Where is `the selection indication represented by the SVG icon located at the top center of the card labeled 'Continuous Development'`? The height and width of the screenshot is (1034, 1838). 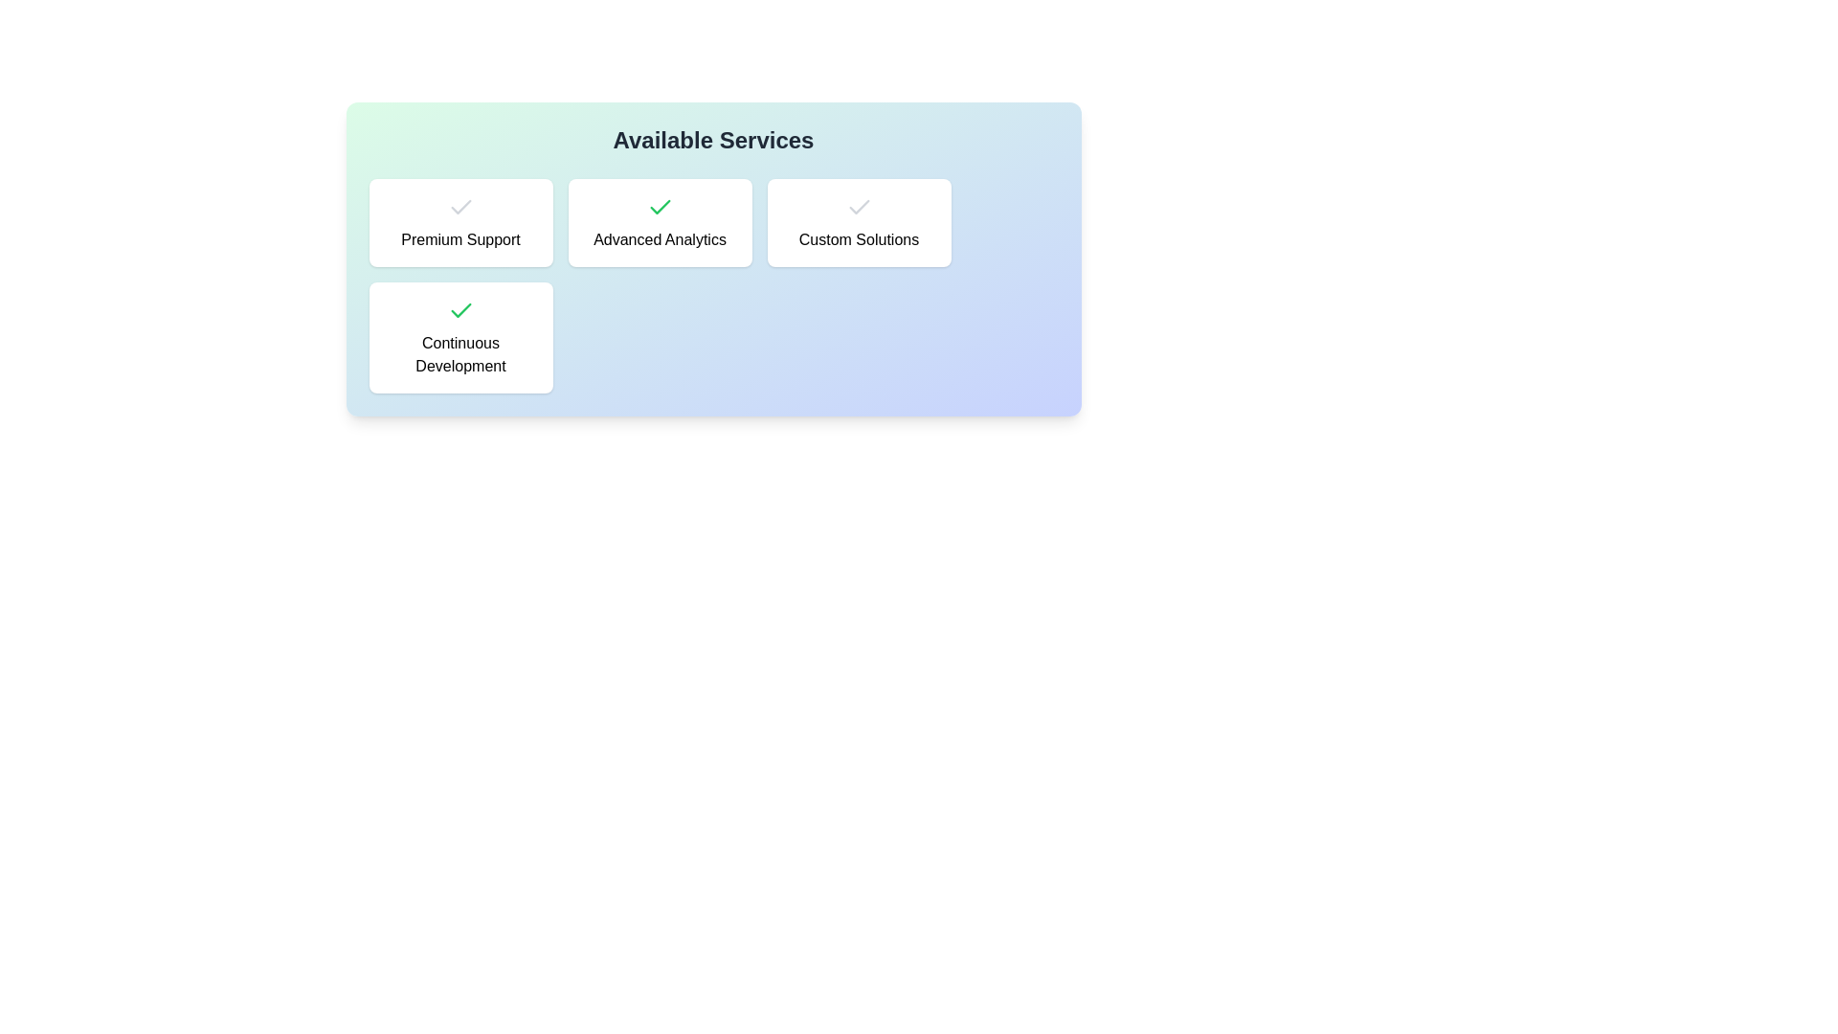 the selection indication represented by the SVG icon located at the top center of the card labeled 'Continuous Development' is located at coordinates (460, 309).